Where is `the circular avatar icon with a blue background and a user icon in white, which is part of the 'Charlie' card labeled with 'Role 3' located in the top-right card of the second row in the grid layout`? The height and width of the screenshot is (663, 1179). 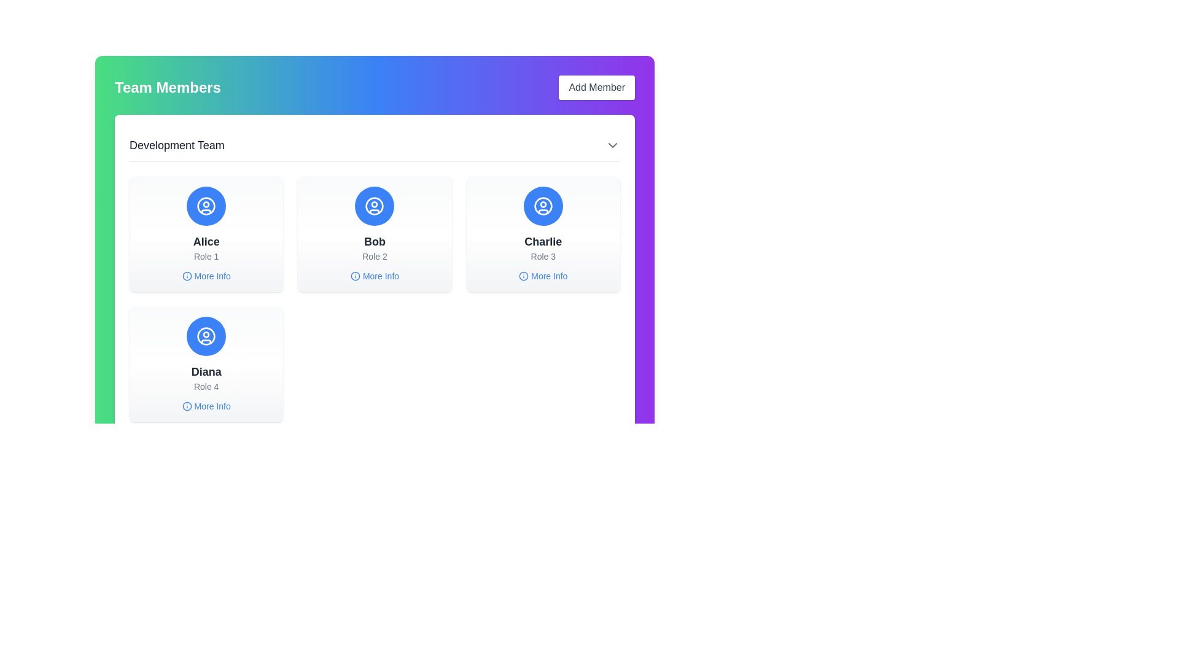
the circular avatar icon with a blue background and a user icon in white, which is part of the 'Charlie' card labeled with 'Role 3' located in the top-right card of the second row in the grid layout is located at coordinates (542, 205).